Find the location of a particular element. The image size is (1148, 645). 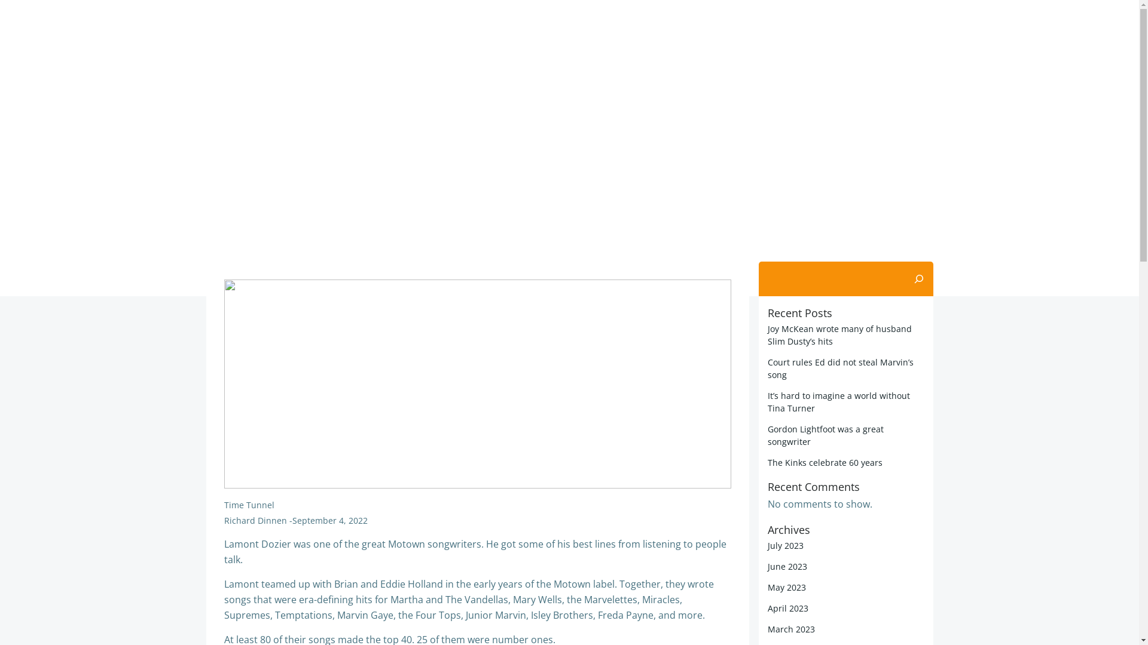

'Richard Dinnen' is located at coordinates (254, 520).